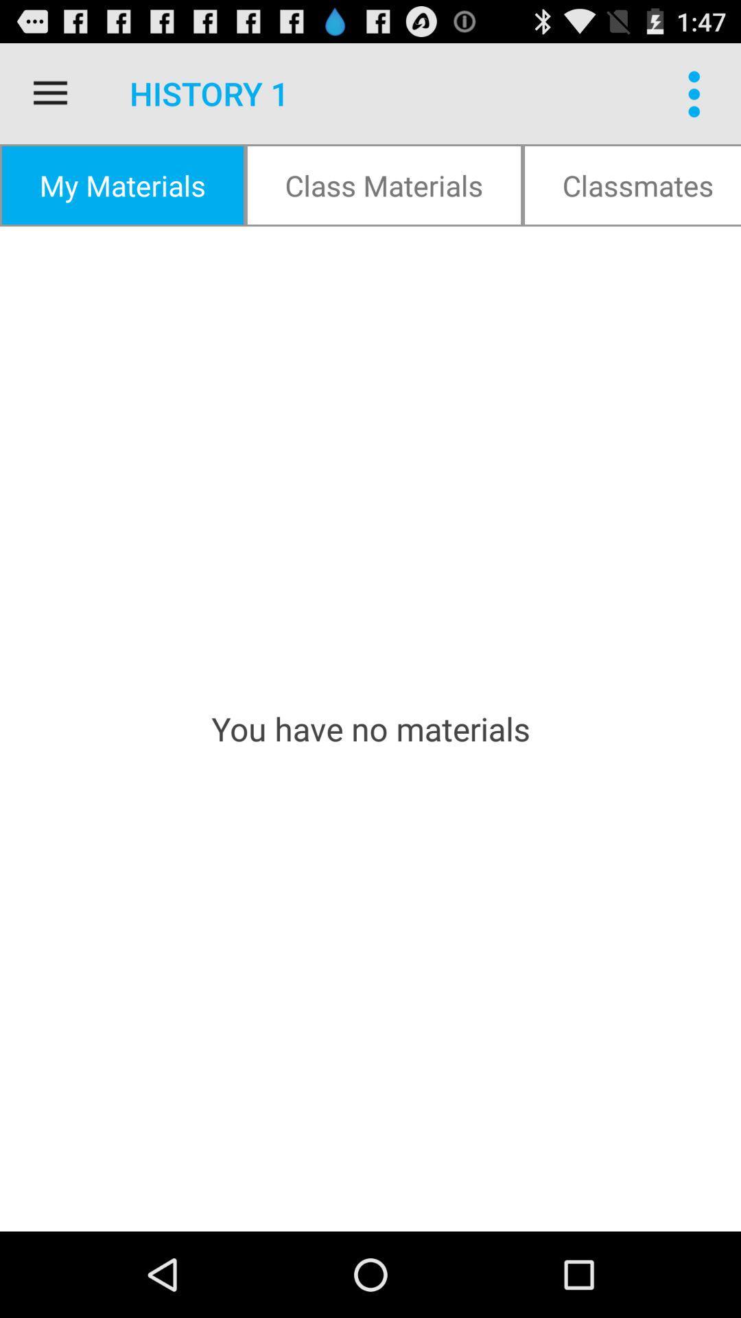 This screenshot has width=741, height=1318. I want to click on classmates icon, so click(632, 184).